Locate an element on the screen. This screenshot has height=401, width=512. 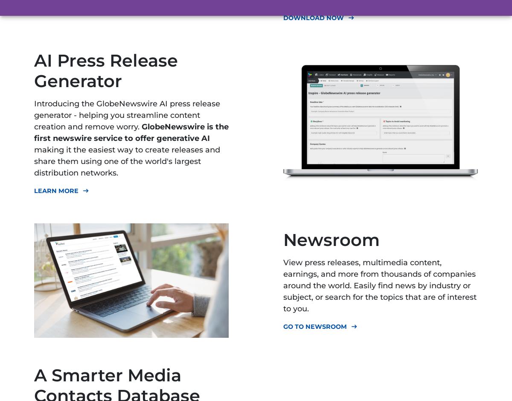
'GlobeNewswire is the first newswire service to offer generative AI' is located at coordinates (131, 132).